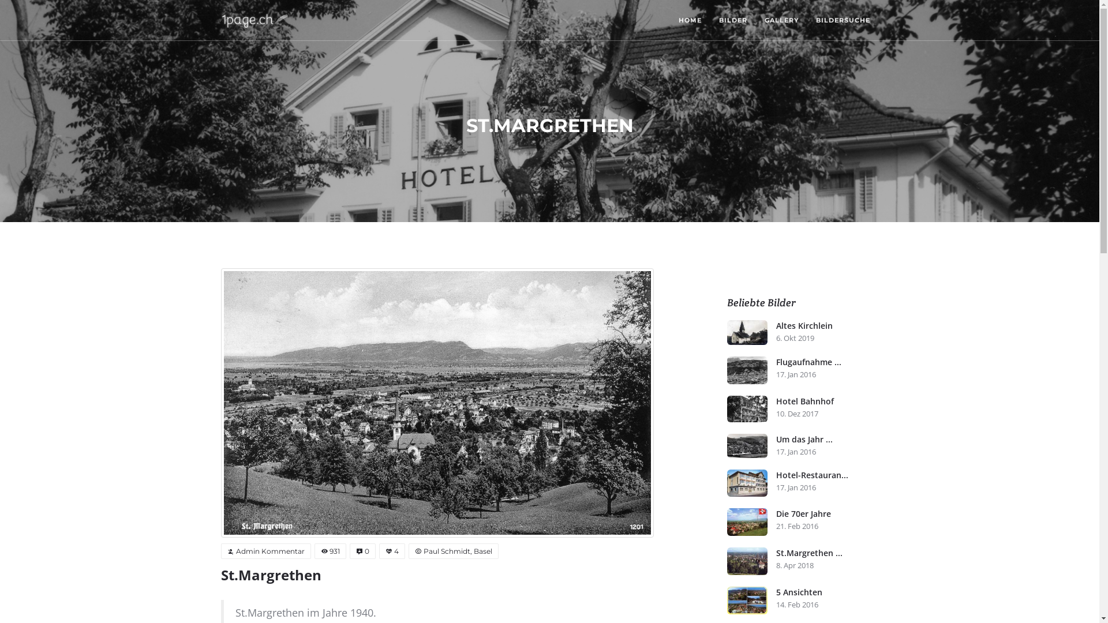 The height and width of the screenshot is (623, 1108). Describe the element at coordinates (827, 475) in the screenshot. I see `'Hotel-Restauran...'` at that location.